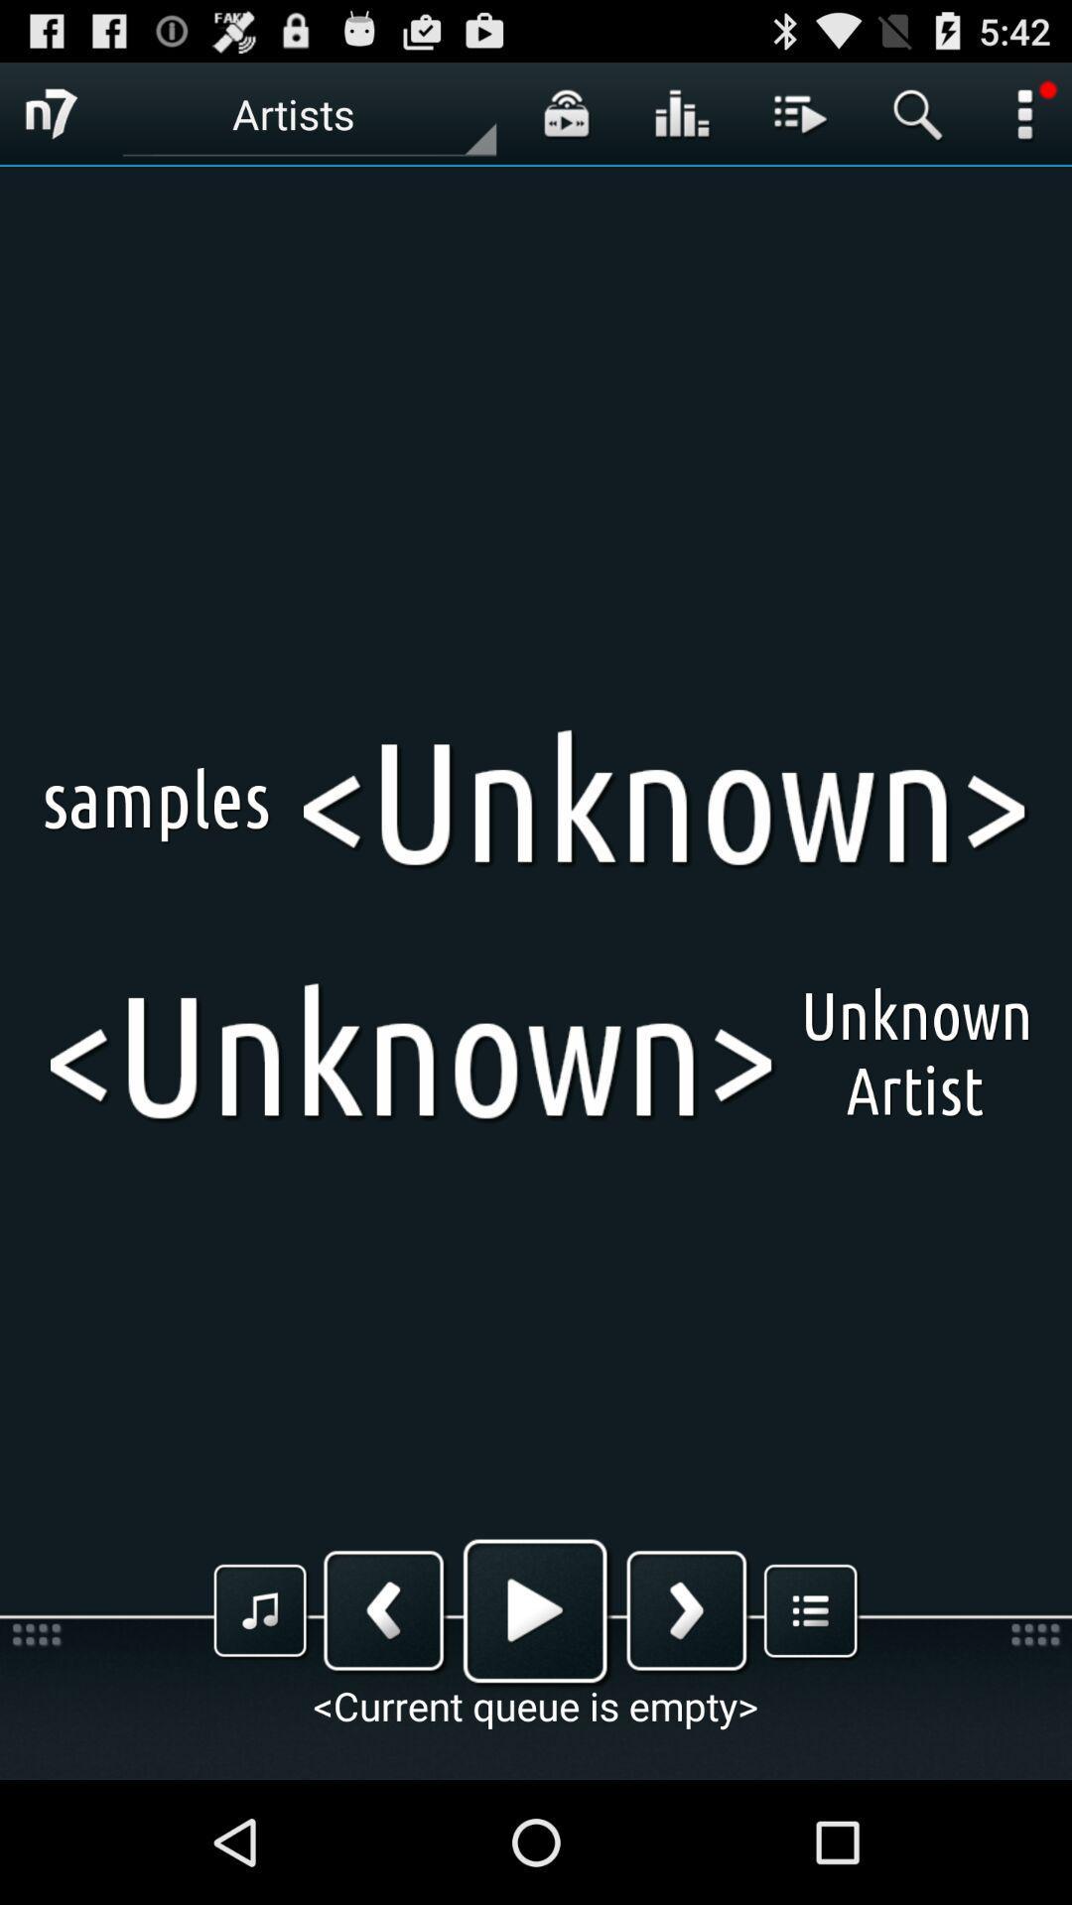  I want to click on the arrow_forward icon, so click(685, 1722).